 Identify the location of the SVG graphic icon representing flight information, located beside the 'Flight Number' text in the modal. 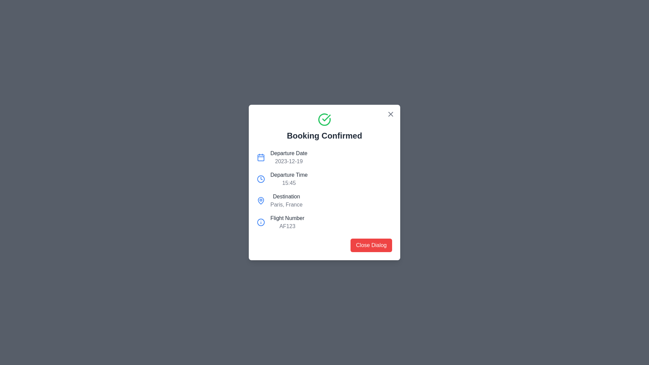
(261, 222).